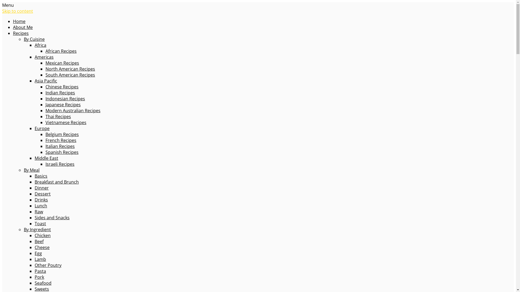 The width and height of the screenshot is (520, 292). I want to click on 'Raw', so click(38, 211).